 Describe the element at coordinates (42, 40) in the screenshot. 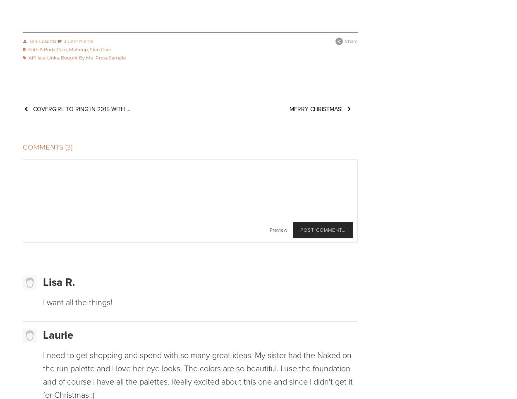

I see `'Teri Cosenzi'` at that location.